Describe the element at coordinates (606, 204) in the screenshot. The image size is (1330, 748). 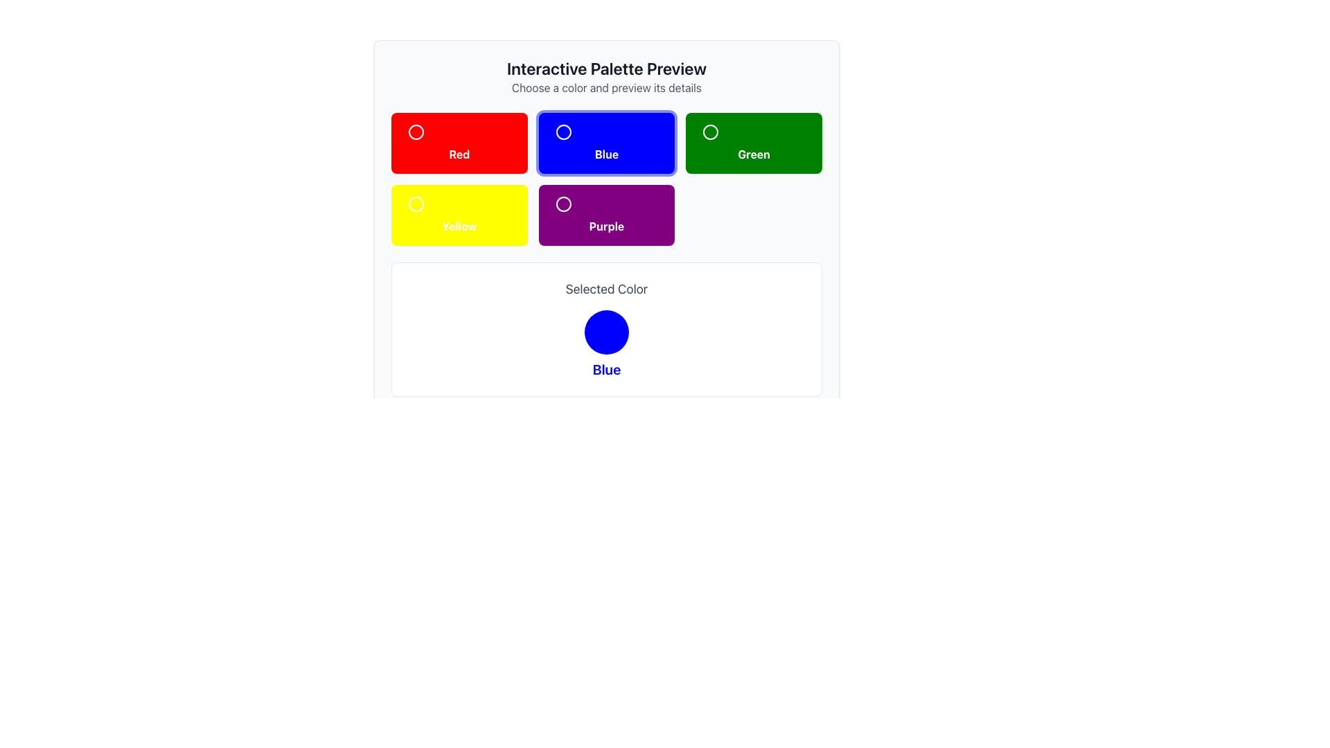
I see `SVG circle icon with a white stroke and purple fill located within the purple rectangular button in the color selection section` at that location.